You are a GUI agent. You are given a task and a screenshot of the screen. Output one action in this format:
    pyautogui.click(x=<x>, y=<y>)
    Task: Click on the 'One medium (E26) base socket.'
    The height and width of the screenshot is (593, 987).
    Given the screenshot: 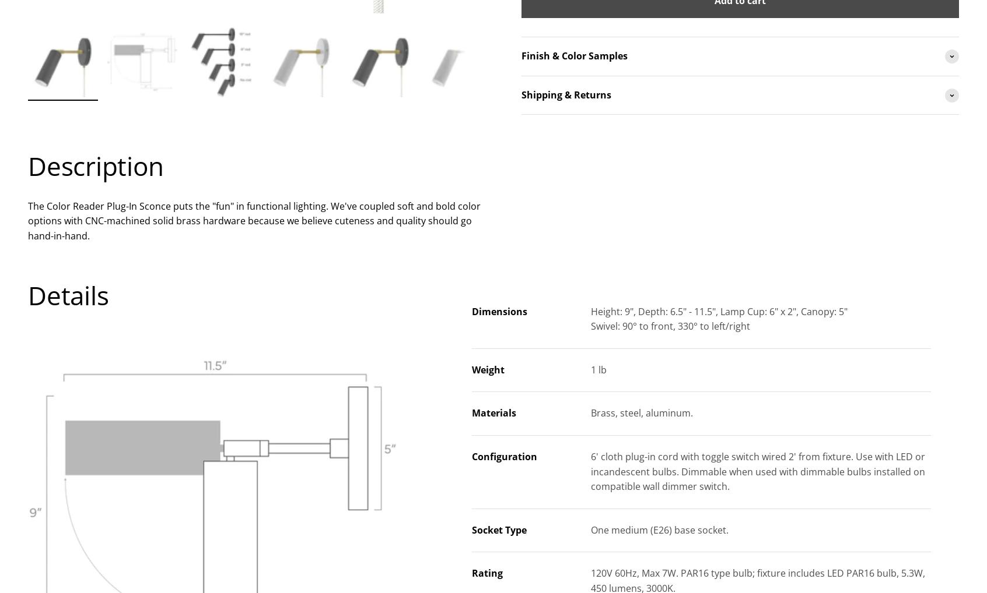 What is the action you would take?
    pyautogui.click(x=659, y=529)
    